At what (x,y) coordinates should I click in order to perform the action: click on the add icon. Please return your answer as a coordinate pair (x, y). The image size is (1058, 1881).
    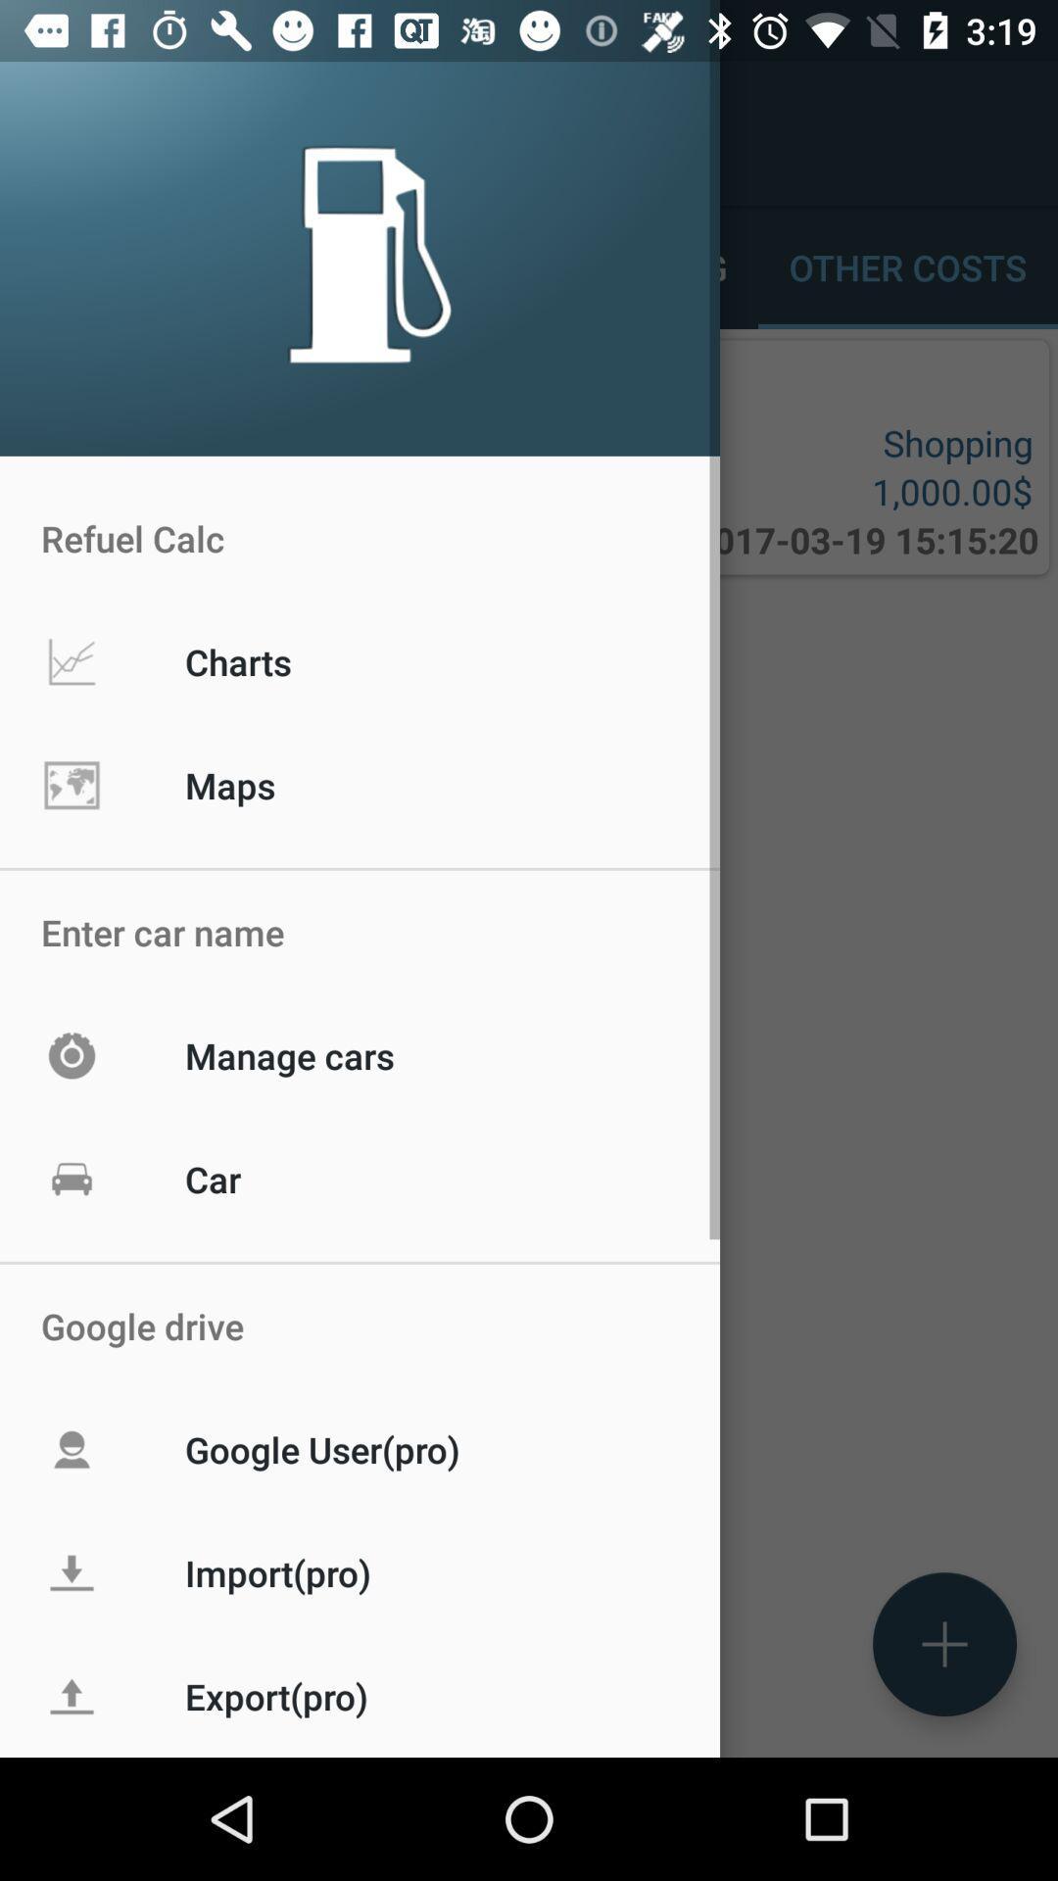
    Looking at the image, I should click on (943, 1644).